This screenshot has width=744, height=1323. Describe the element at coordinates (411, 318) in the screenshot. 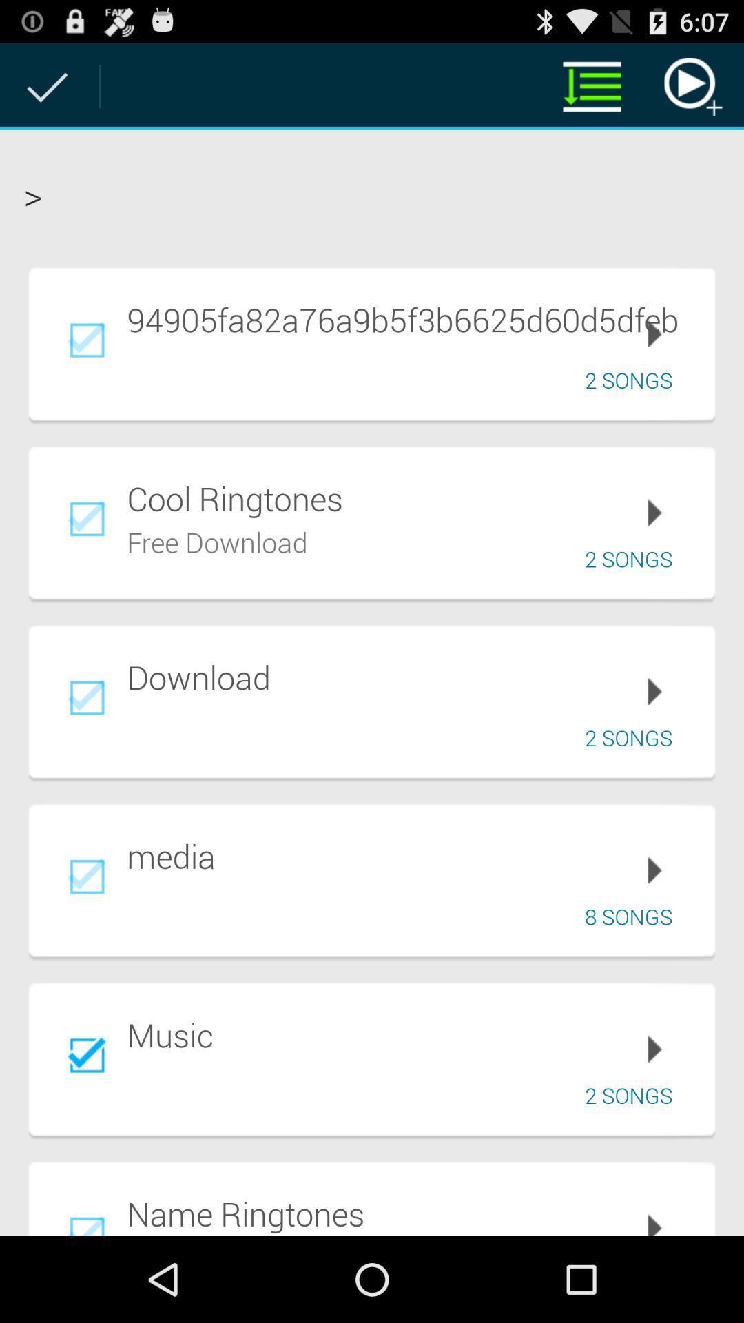

I see `app above the 2 songs app` at that location.